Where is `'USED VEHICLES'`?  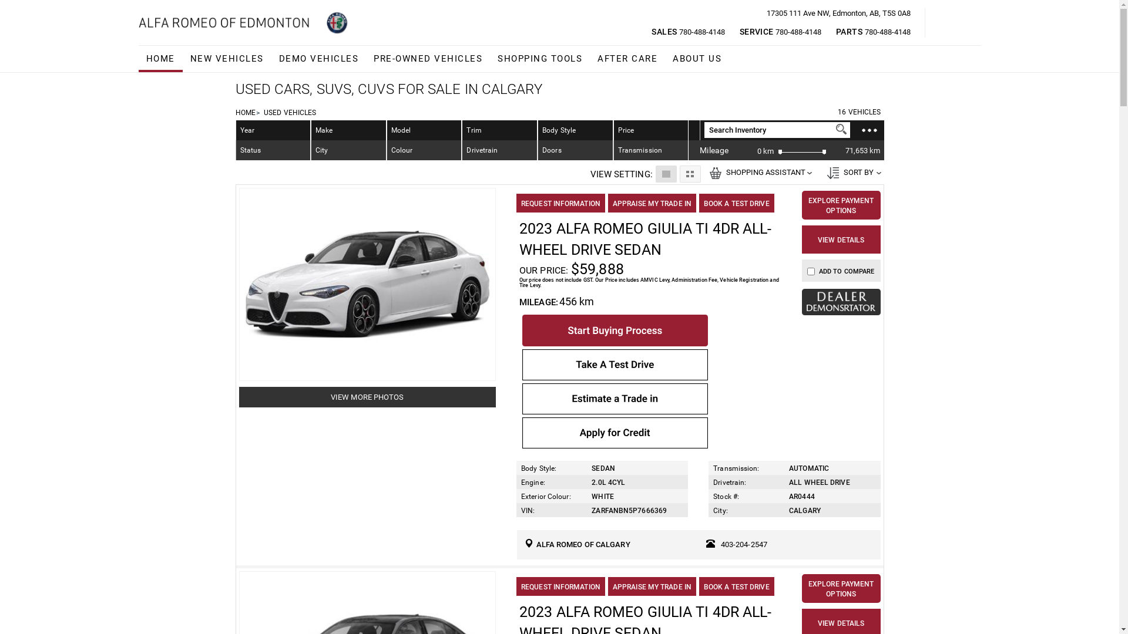
'USED VEHICLES' is located at coordinates (290, 113).